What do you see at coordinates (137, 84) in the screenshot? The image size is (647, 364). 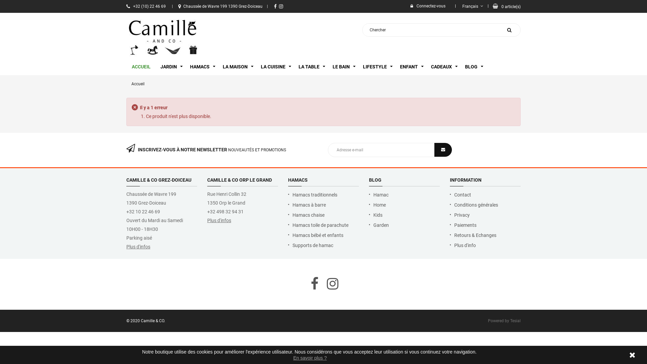 I see `'Accueil'` at bounding box center [137, 84].